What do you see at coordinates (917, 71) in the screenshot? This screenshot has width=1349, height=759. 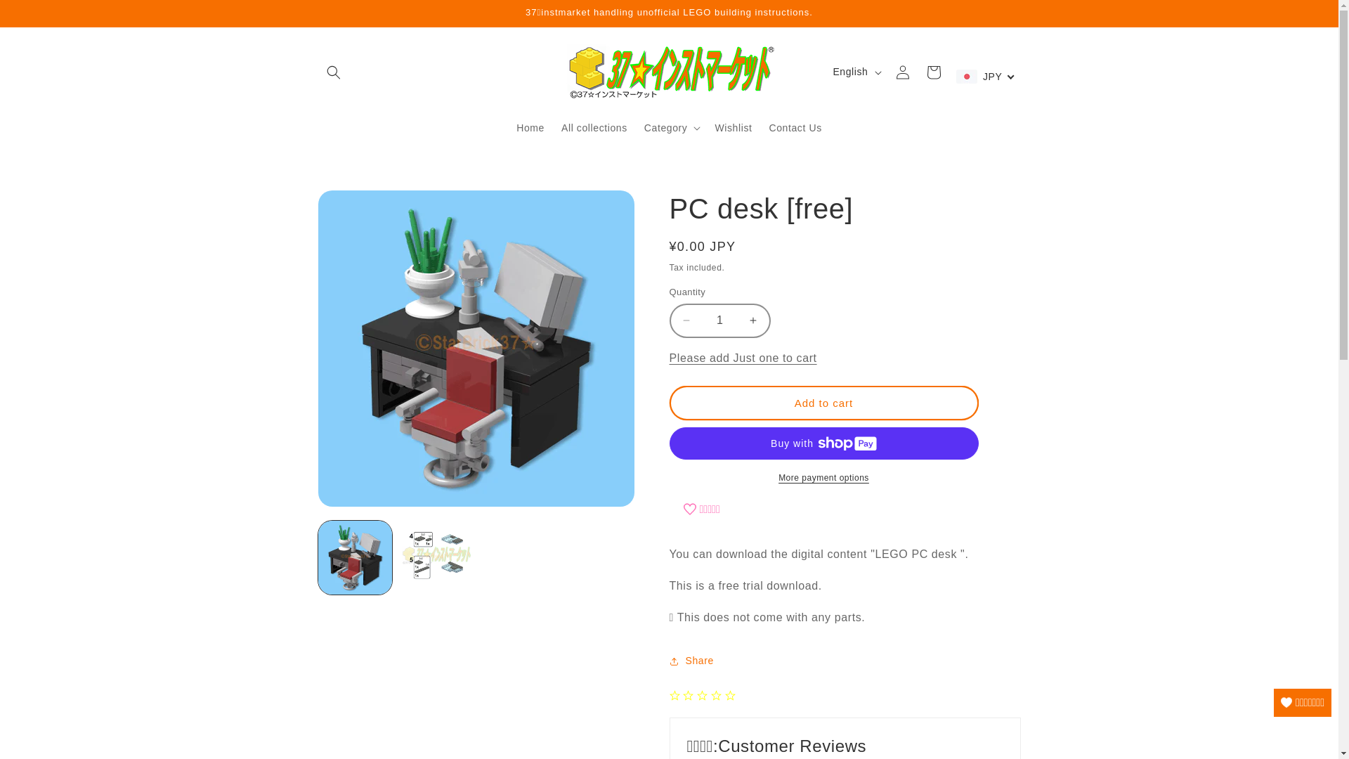 I see `'Cart'` at bounding box center [917, 71].